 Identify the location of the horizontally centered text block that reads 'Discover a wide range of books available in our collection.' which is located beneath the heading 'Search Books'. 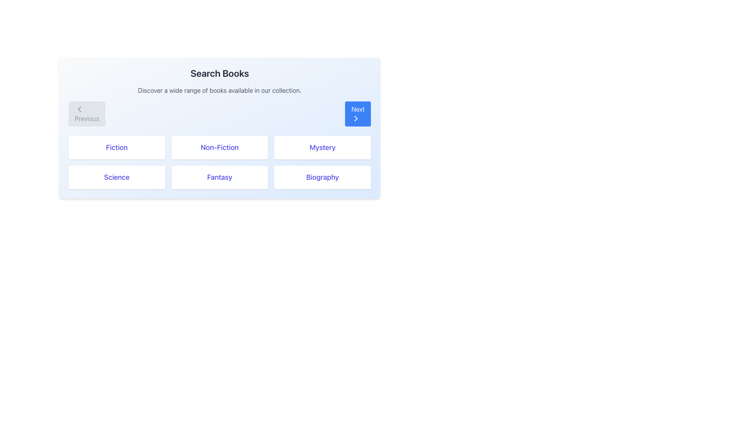
(219, 90).